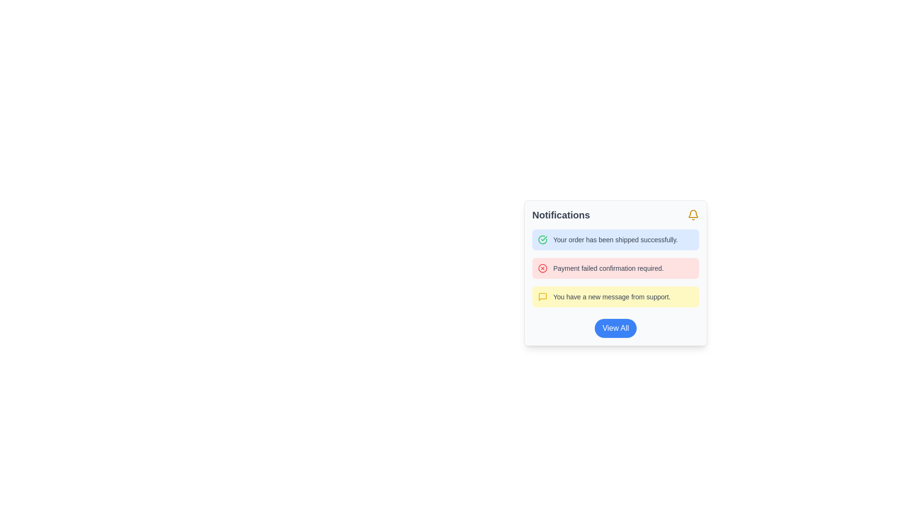  Describe the element at coordinates (615, 328) in the screenshot. I see `the blue 'View All' button located at the bottom of the notification card for visual feedback` at that location.